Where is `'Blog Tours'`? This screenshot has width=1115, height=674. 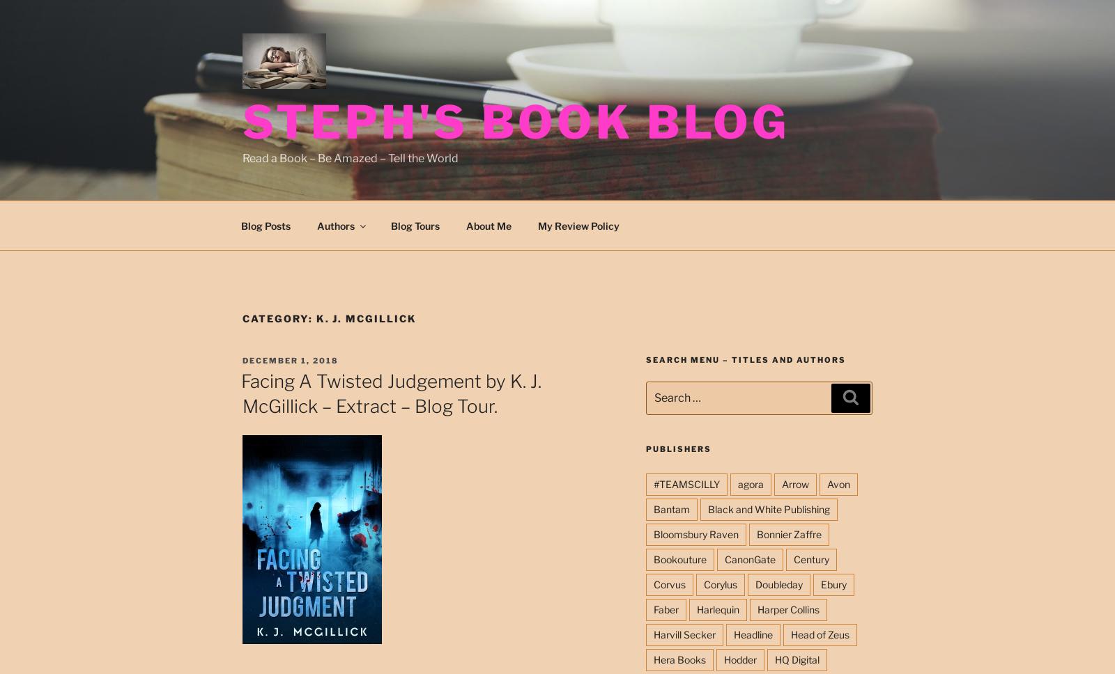
'Blog Tours' is located at coordinates (414, 225).